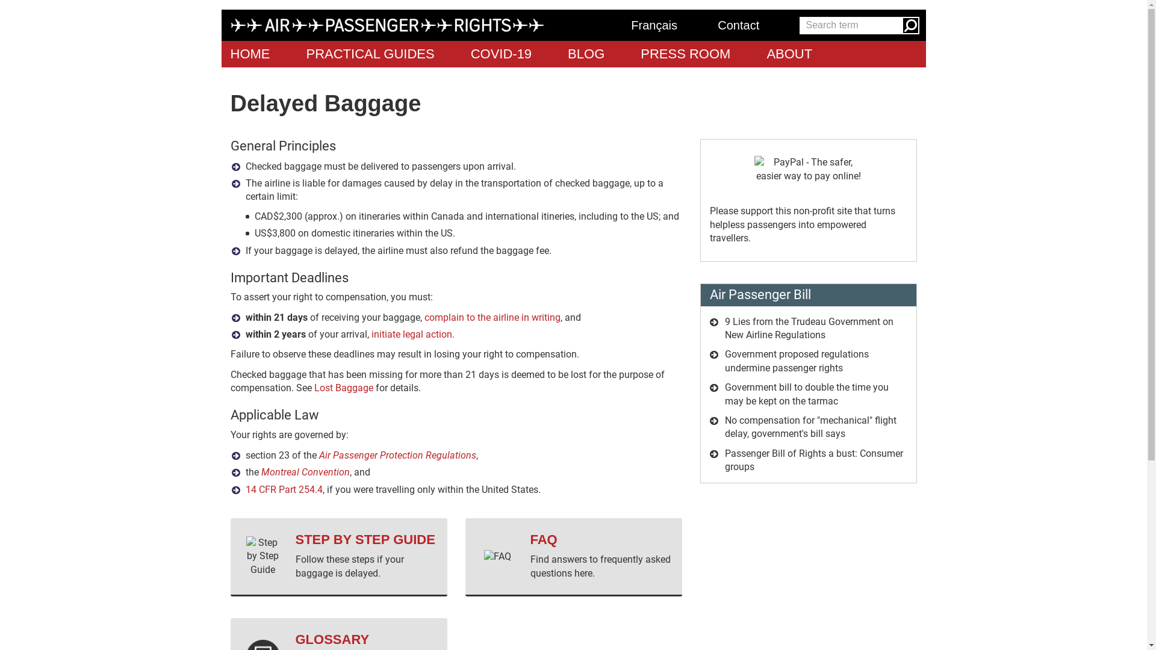 This screenshot has width=1156, height=650. What do you see at coordinates (343, 388) in the screenshot?
I see `'Lost Baggage'` at bounding box center [343, 388].